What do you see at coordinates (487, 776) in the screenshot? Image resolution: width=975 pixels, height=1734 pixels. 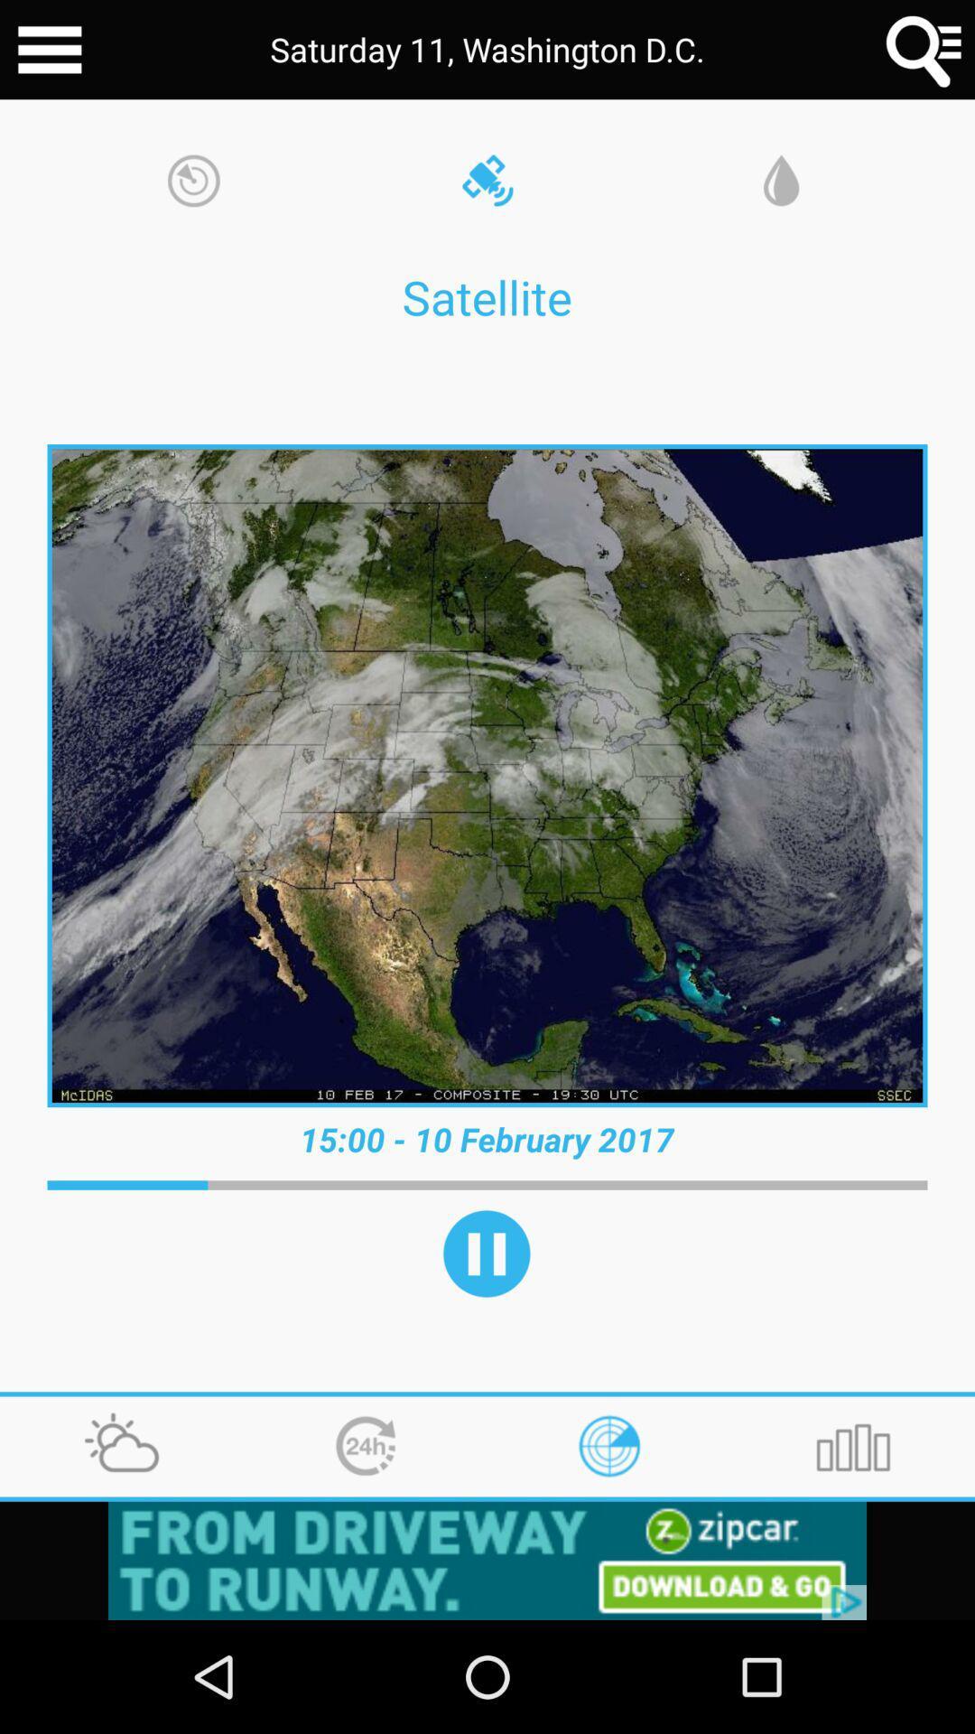 I see `the image below satellite` at bounding box center [487, 776].